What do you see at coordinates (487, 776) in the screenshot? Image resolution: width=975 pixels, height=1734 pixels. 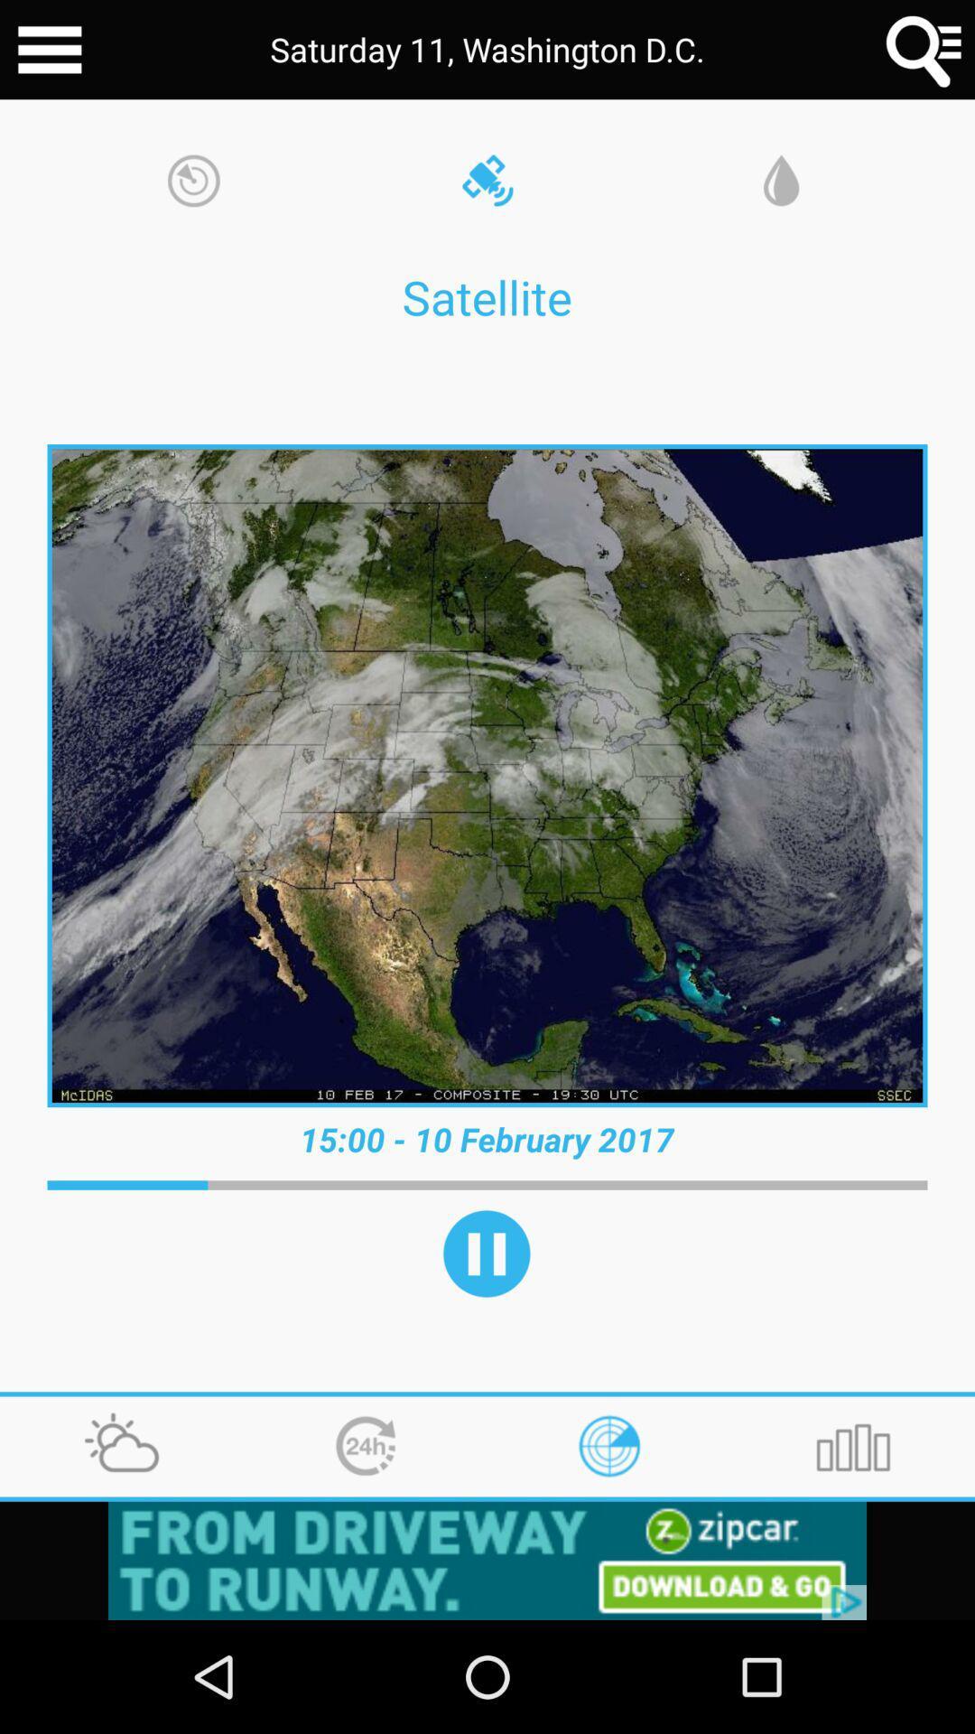 I see `the image below satellite` at bounding box center [487, 776].